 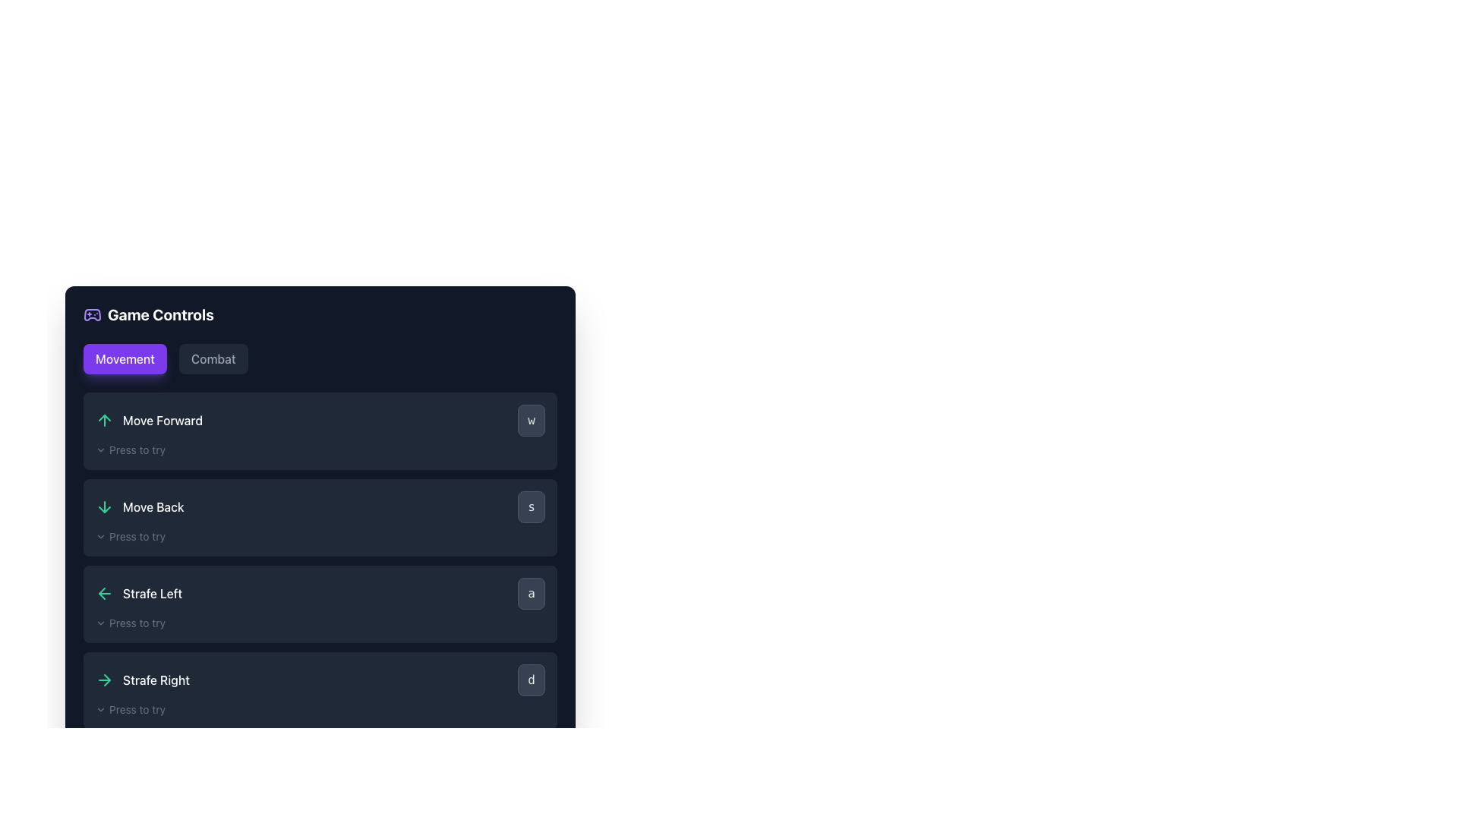 What do you see at coordinates (320, 517) in the screenshot?
I see `the informational panel labeled 'Move Back' which is the second element in a vertical list, providing information about the action and associated key` at bounding box center [320, 517].